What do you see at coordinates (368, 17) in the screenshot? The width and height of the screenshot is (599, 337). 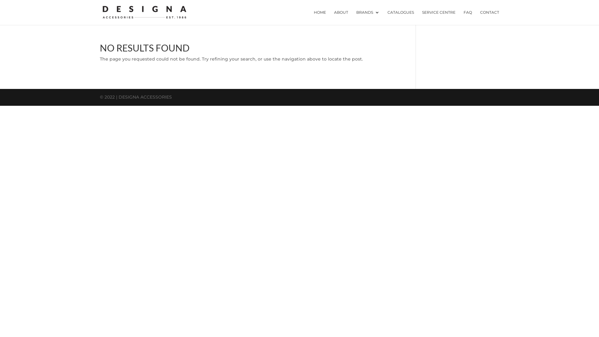 I see `'BRANDS'` at bounding box center [368, 17].